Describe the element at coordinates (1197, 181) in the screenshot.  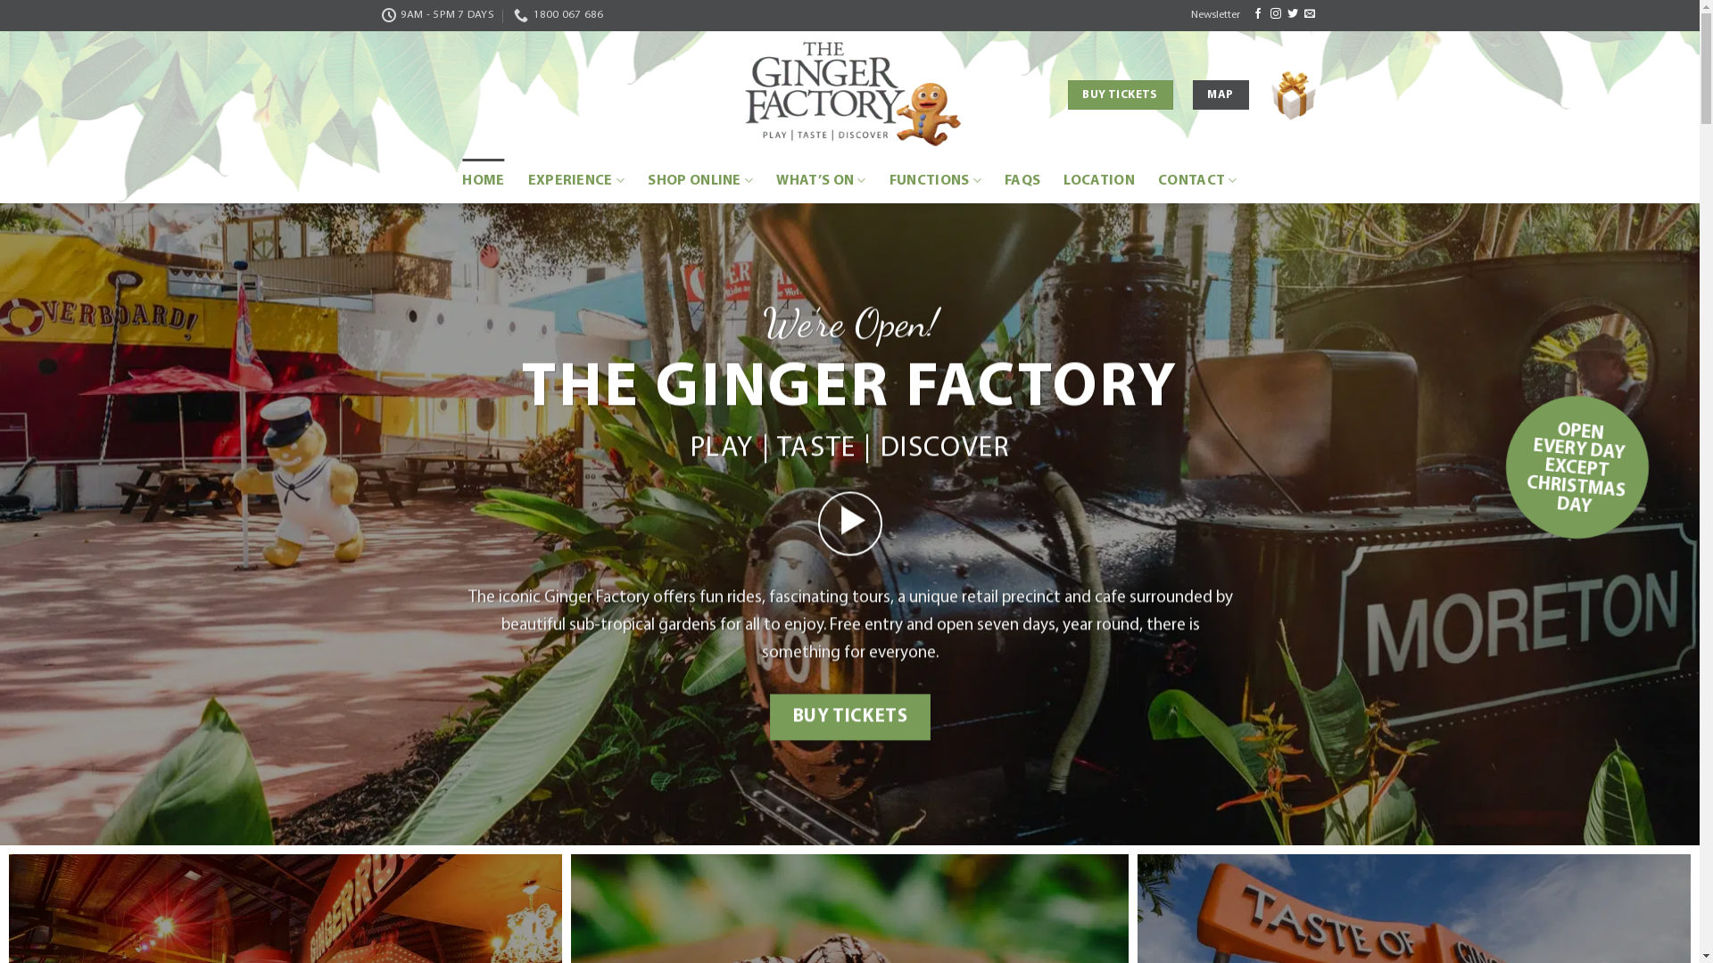
I see `'CONTACT'` at that location.